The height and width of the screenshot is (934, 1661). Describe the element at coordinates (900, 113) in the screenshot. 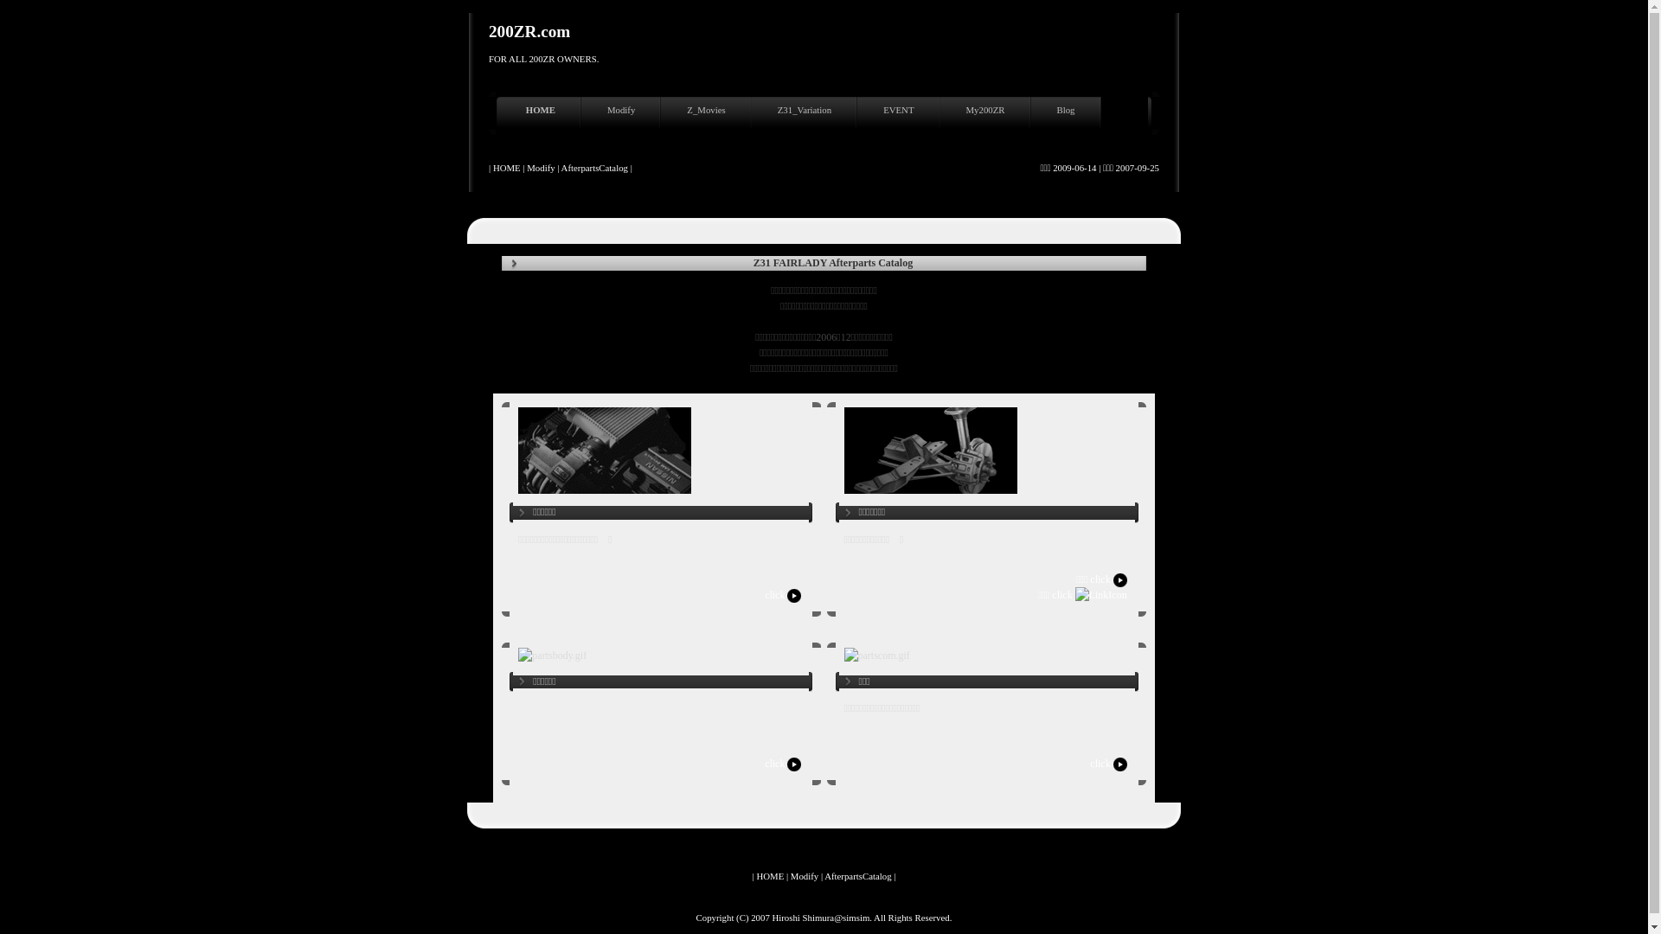

I see `'EVENT'` at that location.